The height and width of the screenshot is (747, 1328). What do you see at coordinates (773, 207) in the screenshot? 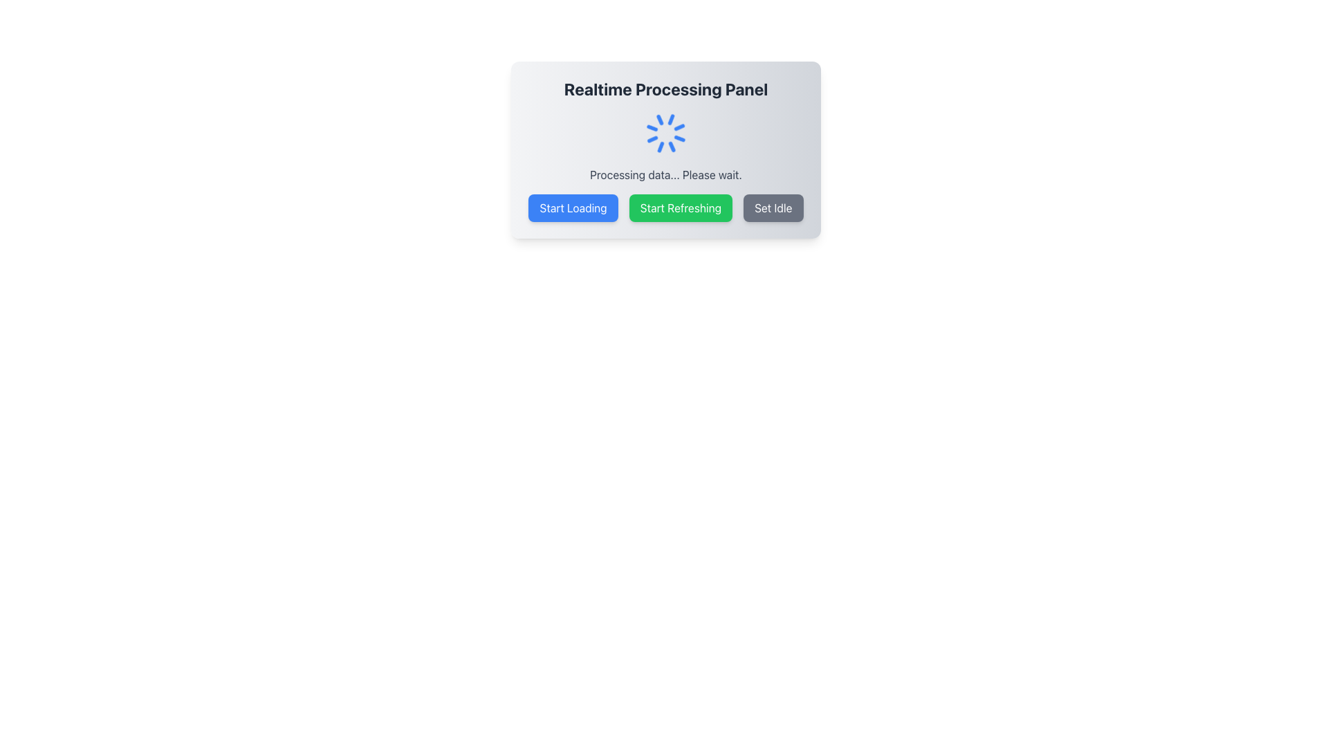
I see `the 'Set Idle' button, which is a rectangular button with a gray background and white text, located below the 'Processing data... Please wait.' text and is the rightmost button in a group of three buttons` at bounding box center [773, 207].